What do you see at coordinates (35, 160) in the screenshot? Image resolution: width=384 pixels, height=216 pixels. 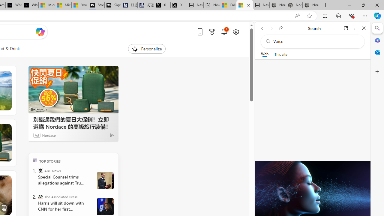 I see `'TOP'` at bounding box center [35, 160].